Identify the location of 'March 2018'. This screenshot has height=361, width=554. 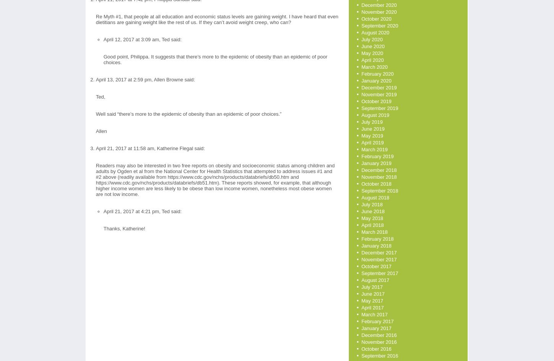
(374, 232).